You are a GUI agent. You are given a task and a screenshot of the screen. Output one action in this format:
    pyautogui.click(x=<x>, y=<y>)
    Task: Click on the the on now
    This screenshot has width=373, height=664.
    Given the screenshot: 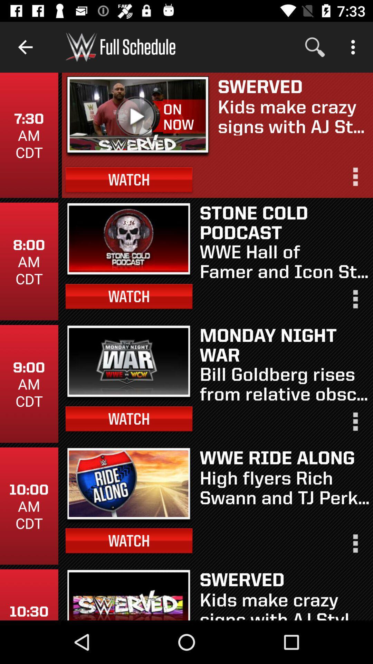 What is the action you would take?
    pyautogui.click(x=184, y=117)
    